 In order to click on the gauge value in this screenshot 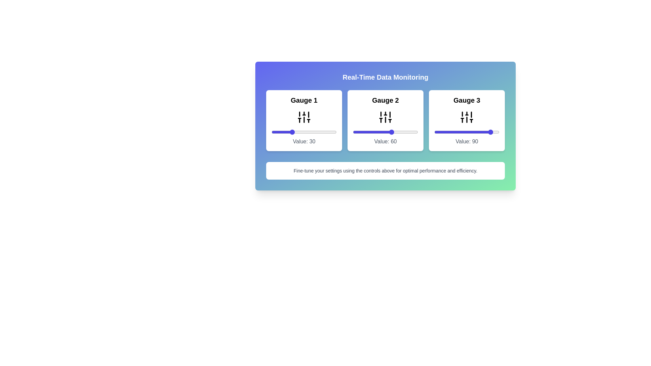, I will do `click(288, 132)`.